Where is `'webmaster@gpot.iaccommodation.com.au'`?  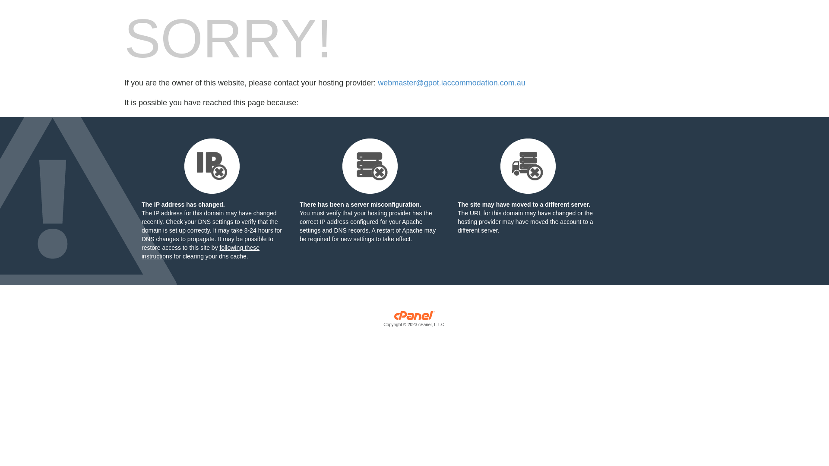 'webmaster@gpot.iaccommodation.com.au' is located at coordinates (451, 83).